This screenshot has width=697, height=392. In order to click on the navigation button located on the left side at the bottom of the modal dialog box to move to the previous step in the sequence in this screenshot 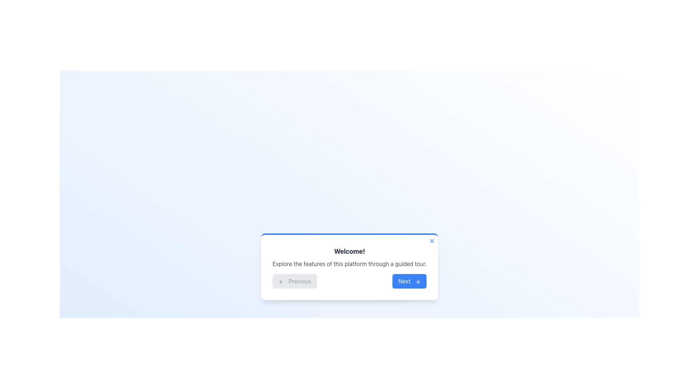, I will do `click(294, 281)`.